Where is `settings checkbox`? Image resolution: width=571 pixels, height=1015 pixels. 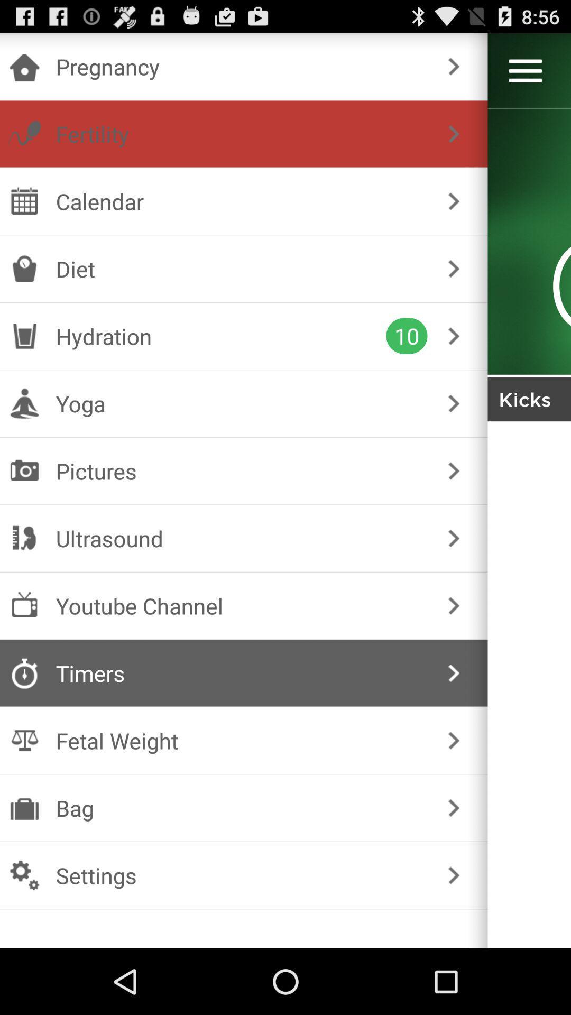 settings checkbox is located at coordinates (242, 875).